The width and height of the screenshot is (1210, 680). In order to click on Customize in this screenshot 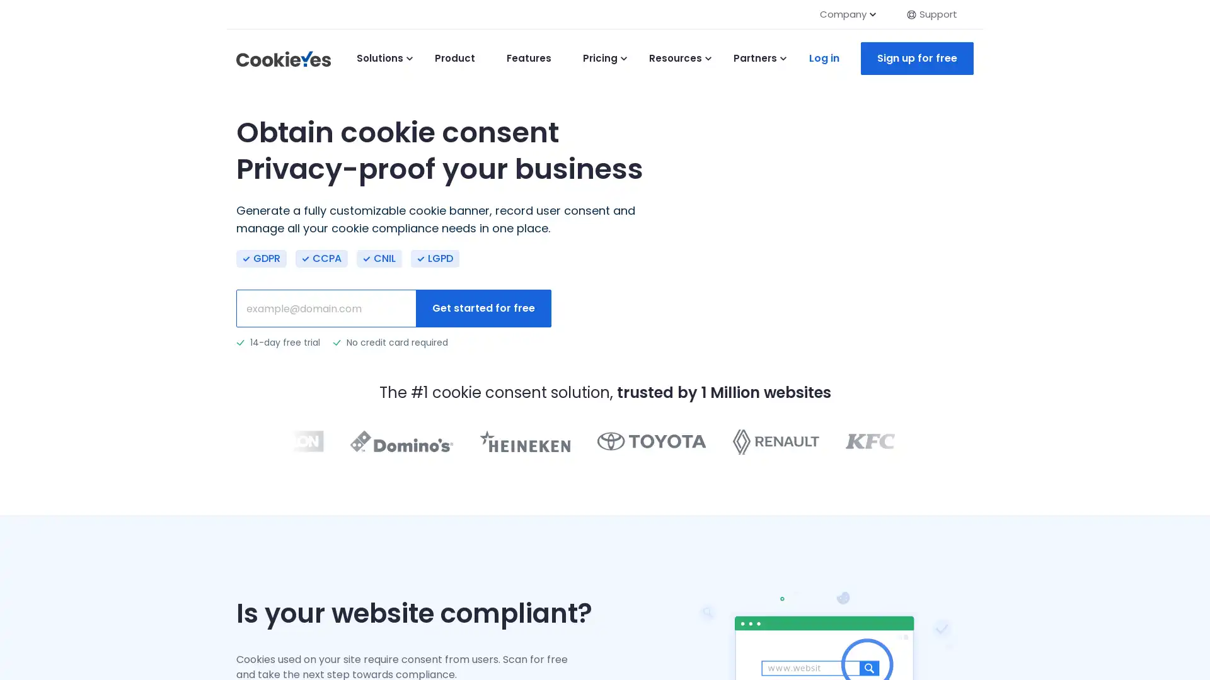, I will do `click(81, 627)`.